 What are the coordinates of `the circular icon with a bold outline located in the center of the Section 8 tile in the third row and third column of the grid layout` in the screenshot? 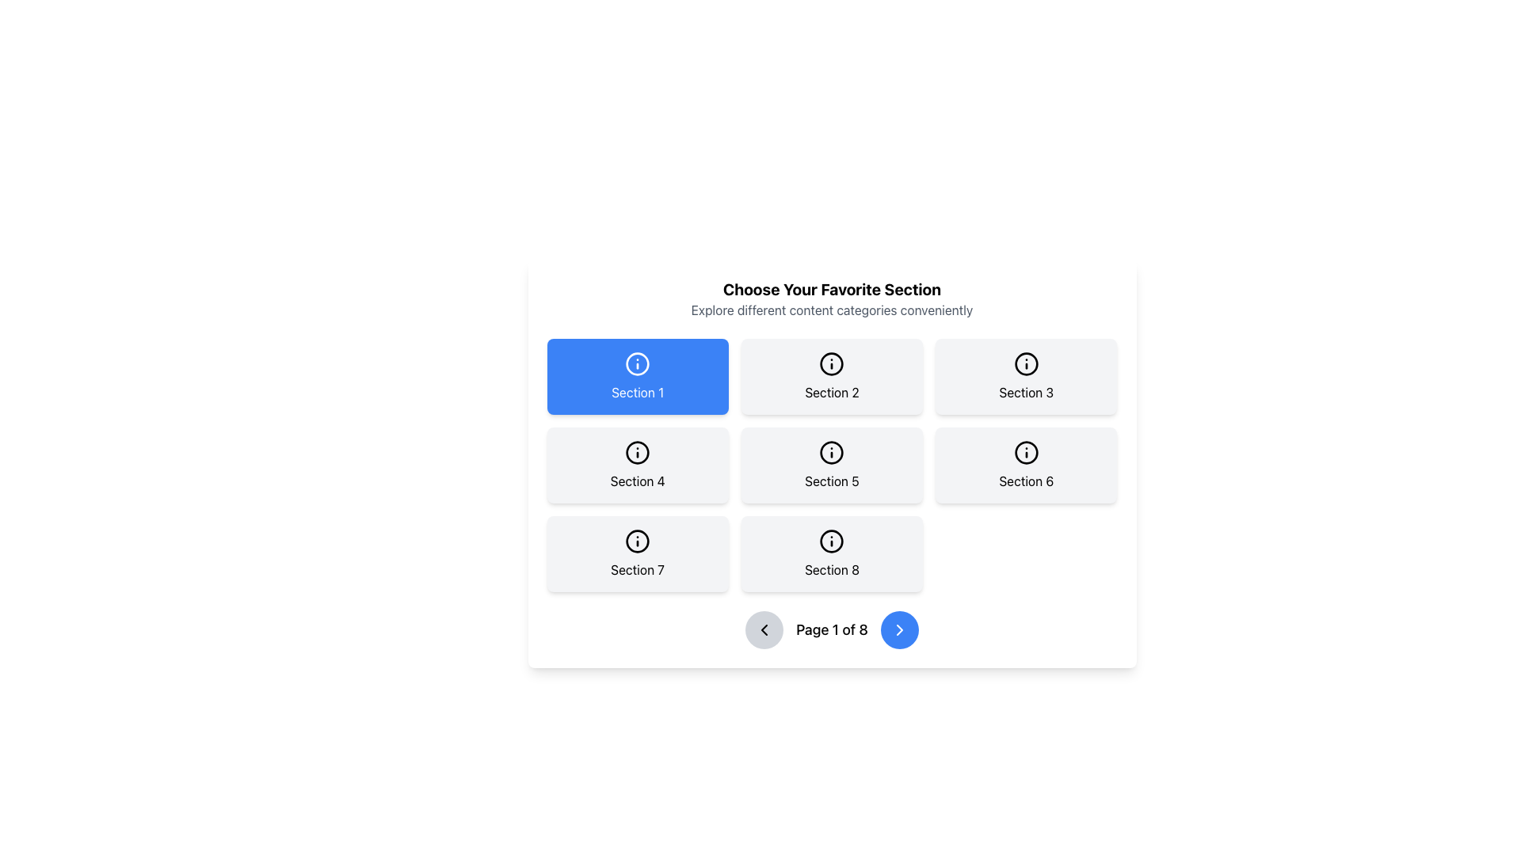 It's located at (831, 540).